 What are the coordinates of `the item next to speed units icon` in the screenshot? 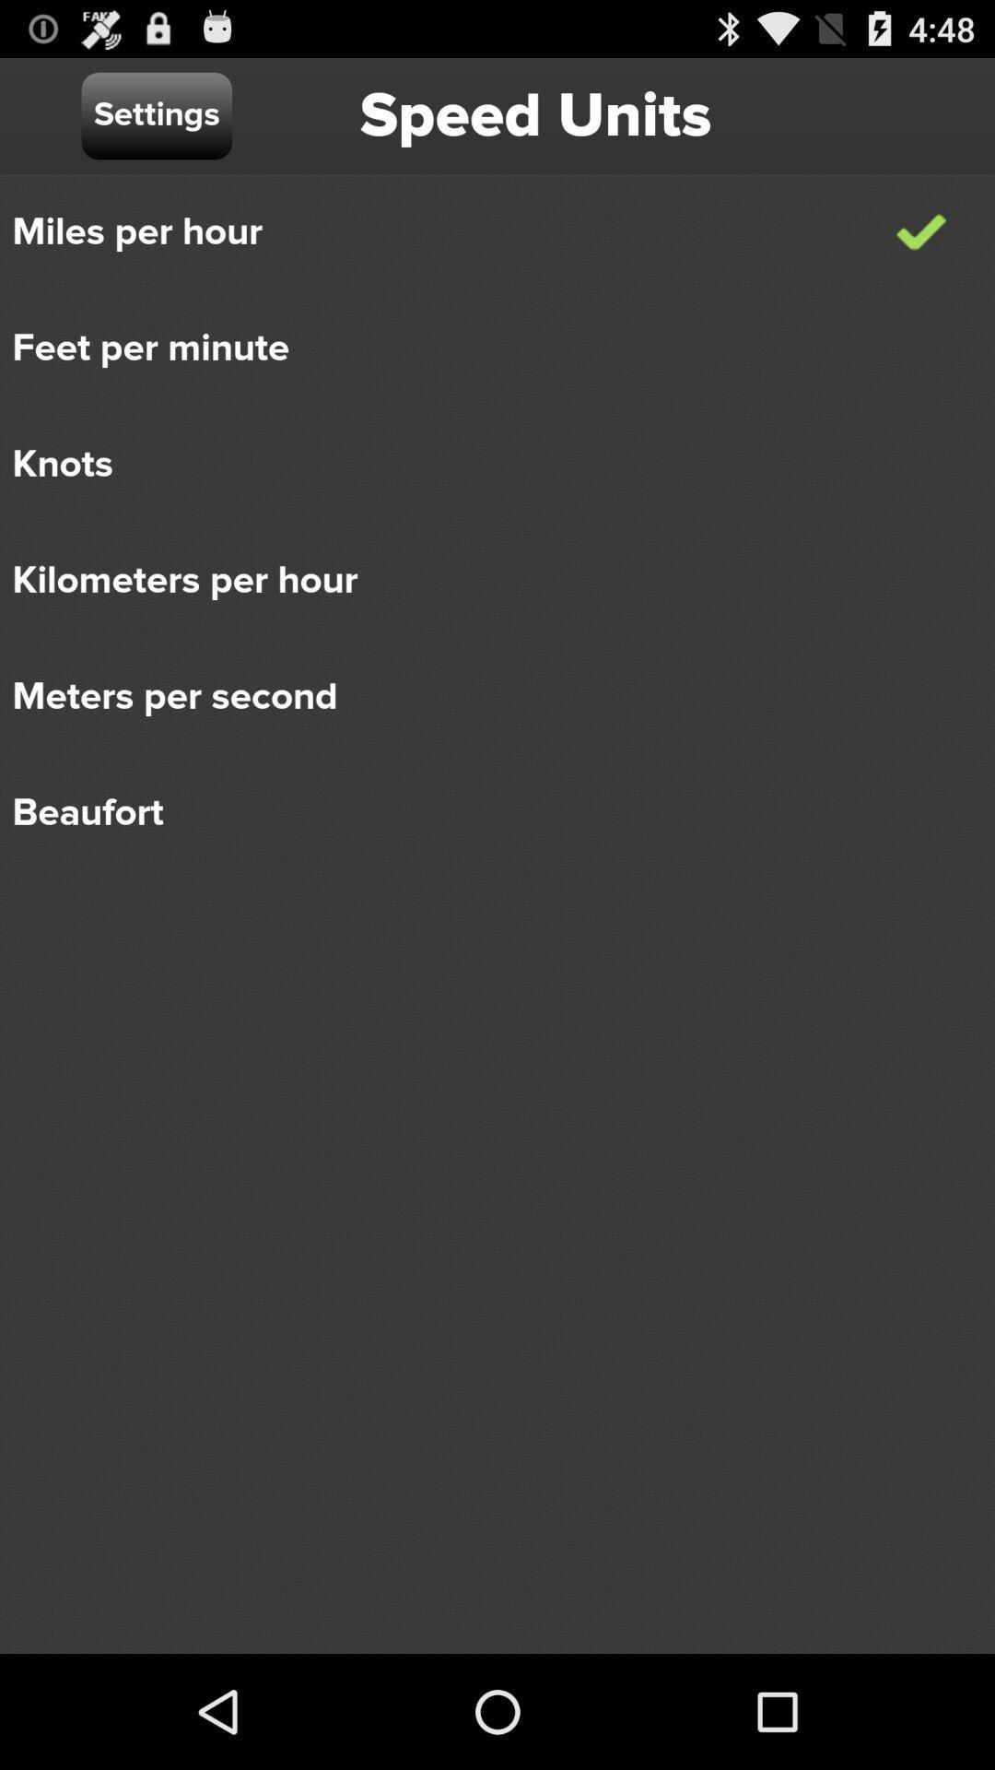 It's located at (156, 114).